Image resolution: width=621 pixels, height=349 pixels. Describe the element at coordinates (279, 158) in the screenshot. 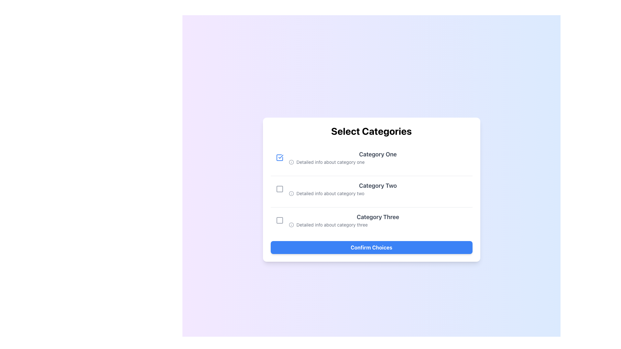

I see `the checkbox represented by the highlighted square outline styled in blue, located at the upper-left corner of the modal interface, next to the label 'Category One'` at that location.